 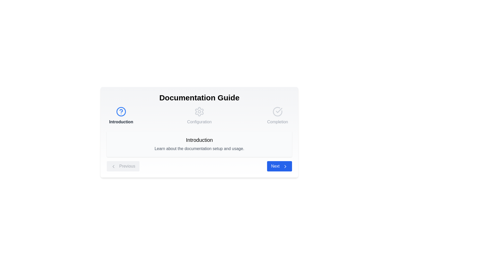 I want to click on the step icon for Configuration to navigate to that step, so click(x=199, y=111).